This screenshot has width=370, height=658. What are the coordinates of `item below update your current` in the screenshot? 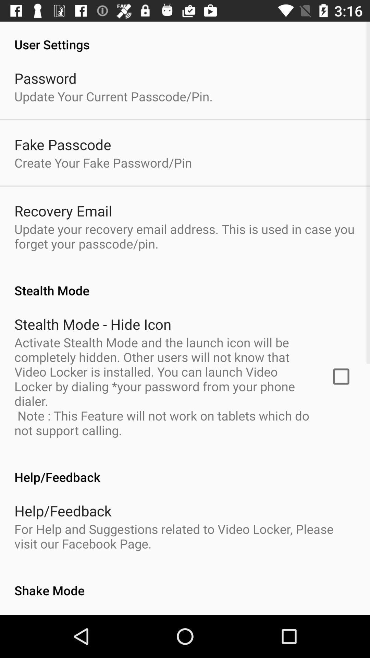 It's located at (63, 144).